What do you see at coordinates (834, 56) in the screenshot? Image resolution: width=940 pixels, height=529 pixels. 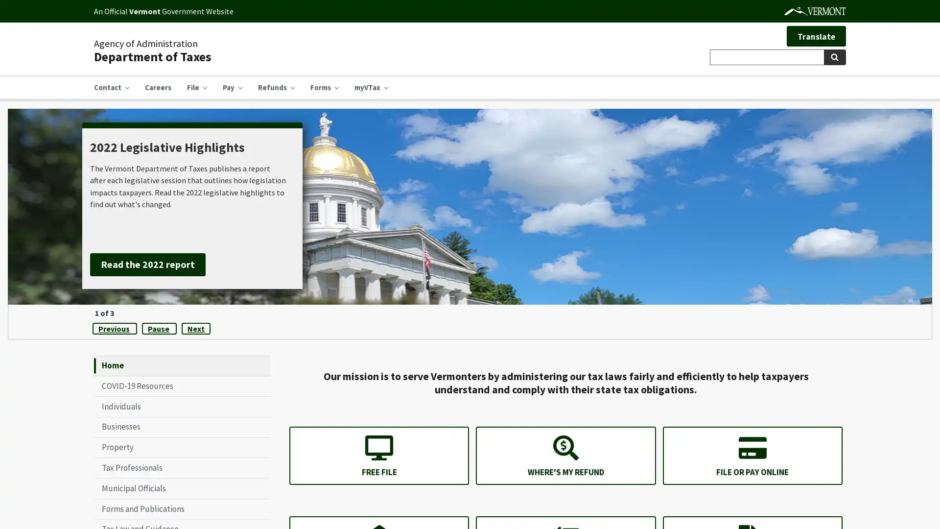 I see `Submit` at bounding box center [834, 56].